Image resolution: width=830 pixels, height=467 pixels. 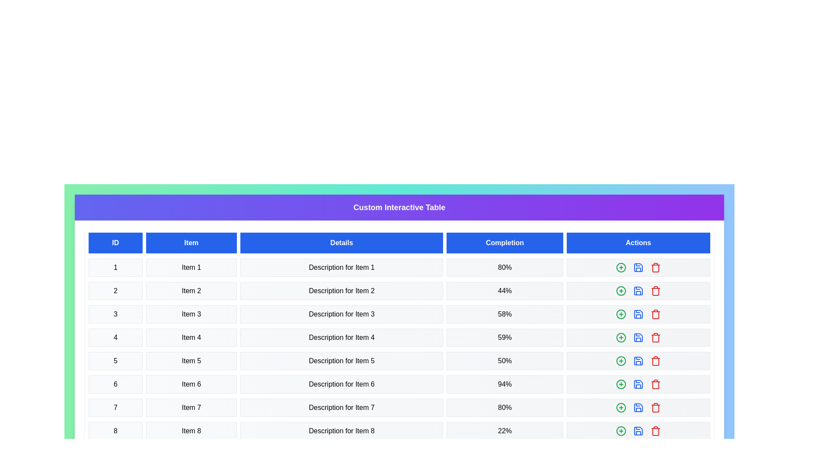 I want to click on the 'Trash' button in the 'Actions' column for the specified row, so click(x=655, y=267).